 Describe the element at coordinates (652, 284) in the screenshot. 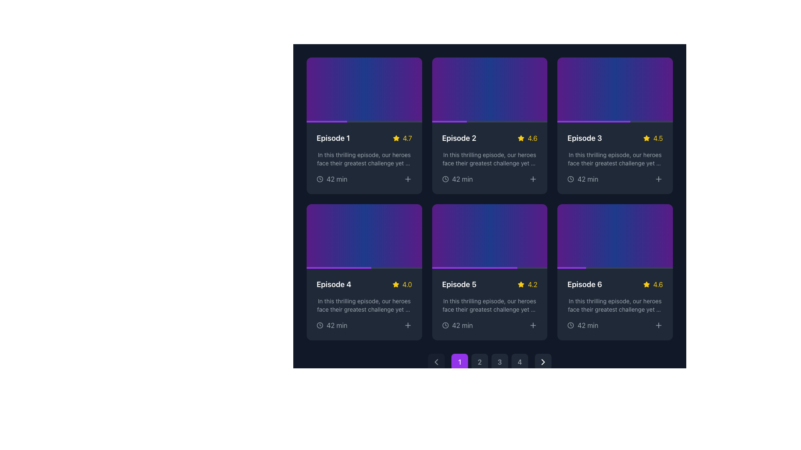

I see `the yellow numerical rating label displaying '4.6', located to the right of the yellow star icon in the bottom-right section of the 'Episode 6' card` at that location.